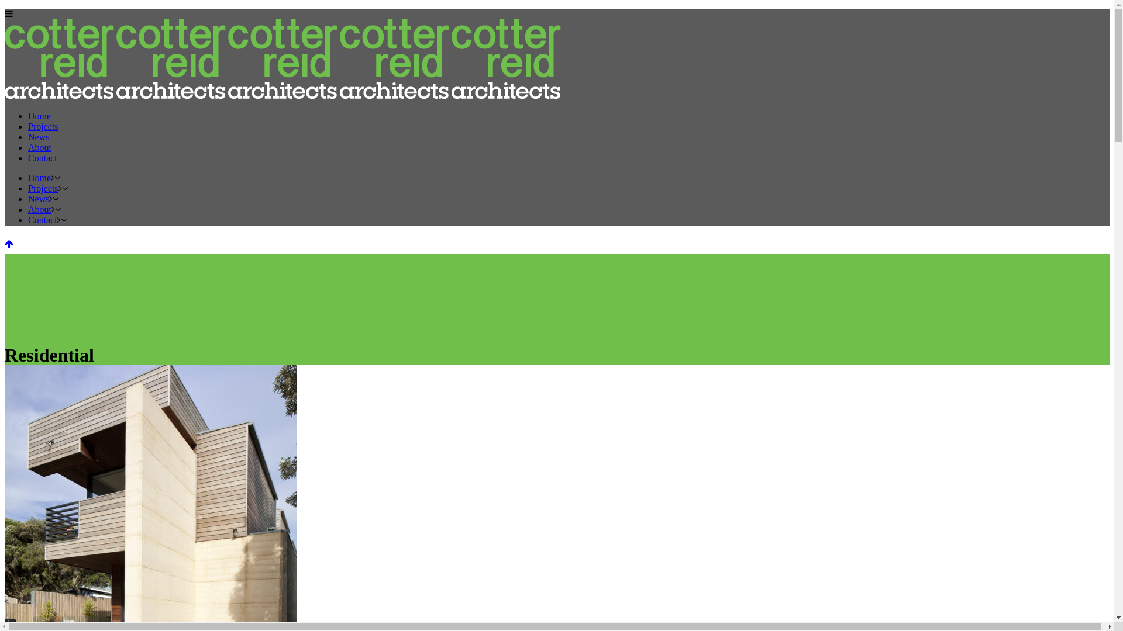  What do you see at coordinates (39, 116) in the screenshot?
I see `'Home'` at bounding box center [39, 116].